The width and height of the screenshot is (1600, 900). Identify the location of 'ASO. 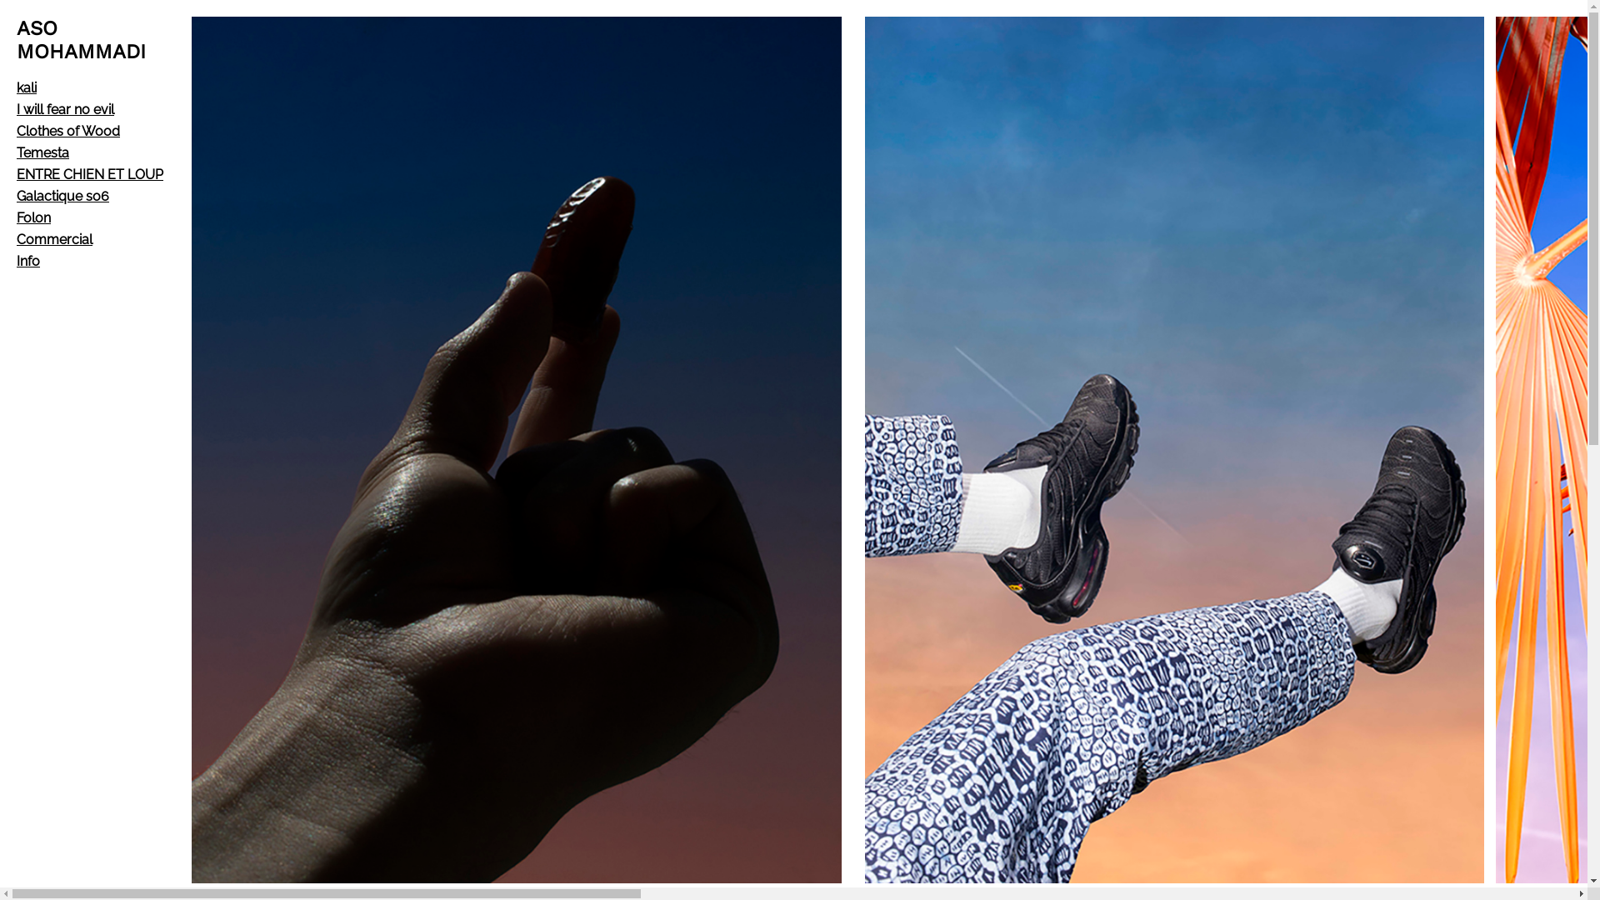
(80, 38).